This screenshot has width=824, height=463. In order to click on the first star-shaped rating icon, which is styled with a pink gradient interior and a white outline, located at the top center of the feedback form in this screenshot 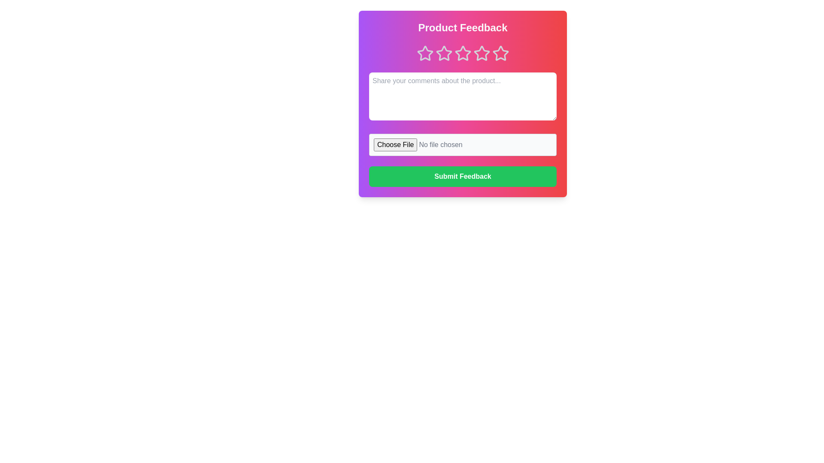, I will do `click(425, 53)`.